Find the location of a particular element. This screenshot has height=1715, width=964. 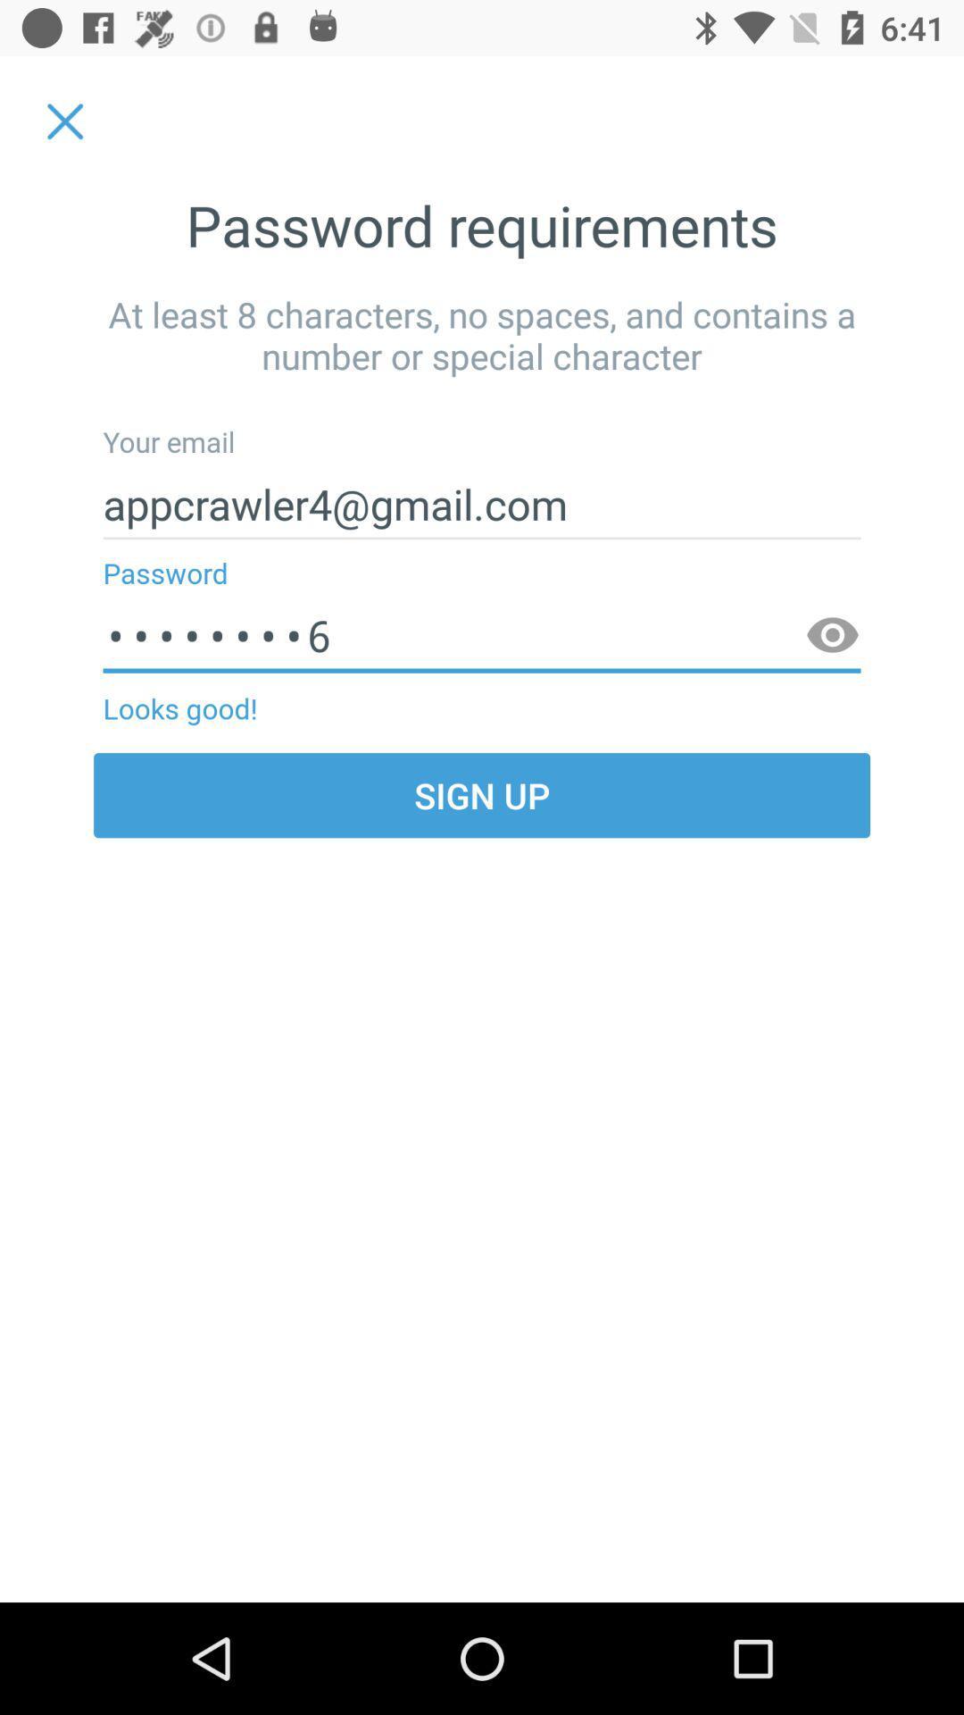

the item above the looks good! item is located at coordinates (482, 636).